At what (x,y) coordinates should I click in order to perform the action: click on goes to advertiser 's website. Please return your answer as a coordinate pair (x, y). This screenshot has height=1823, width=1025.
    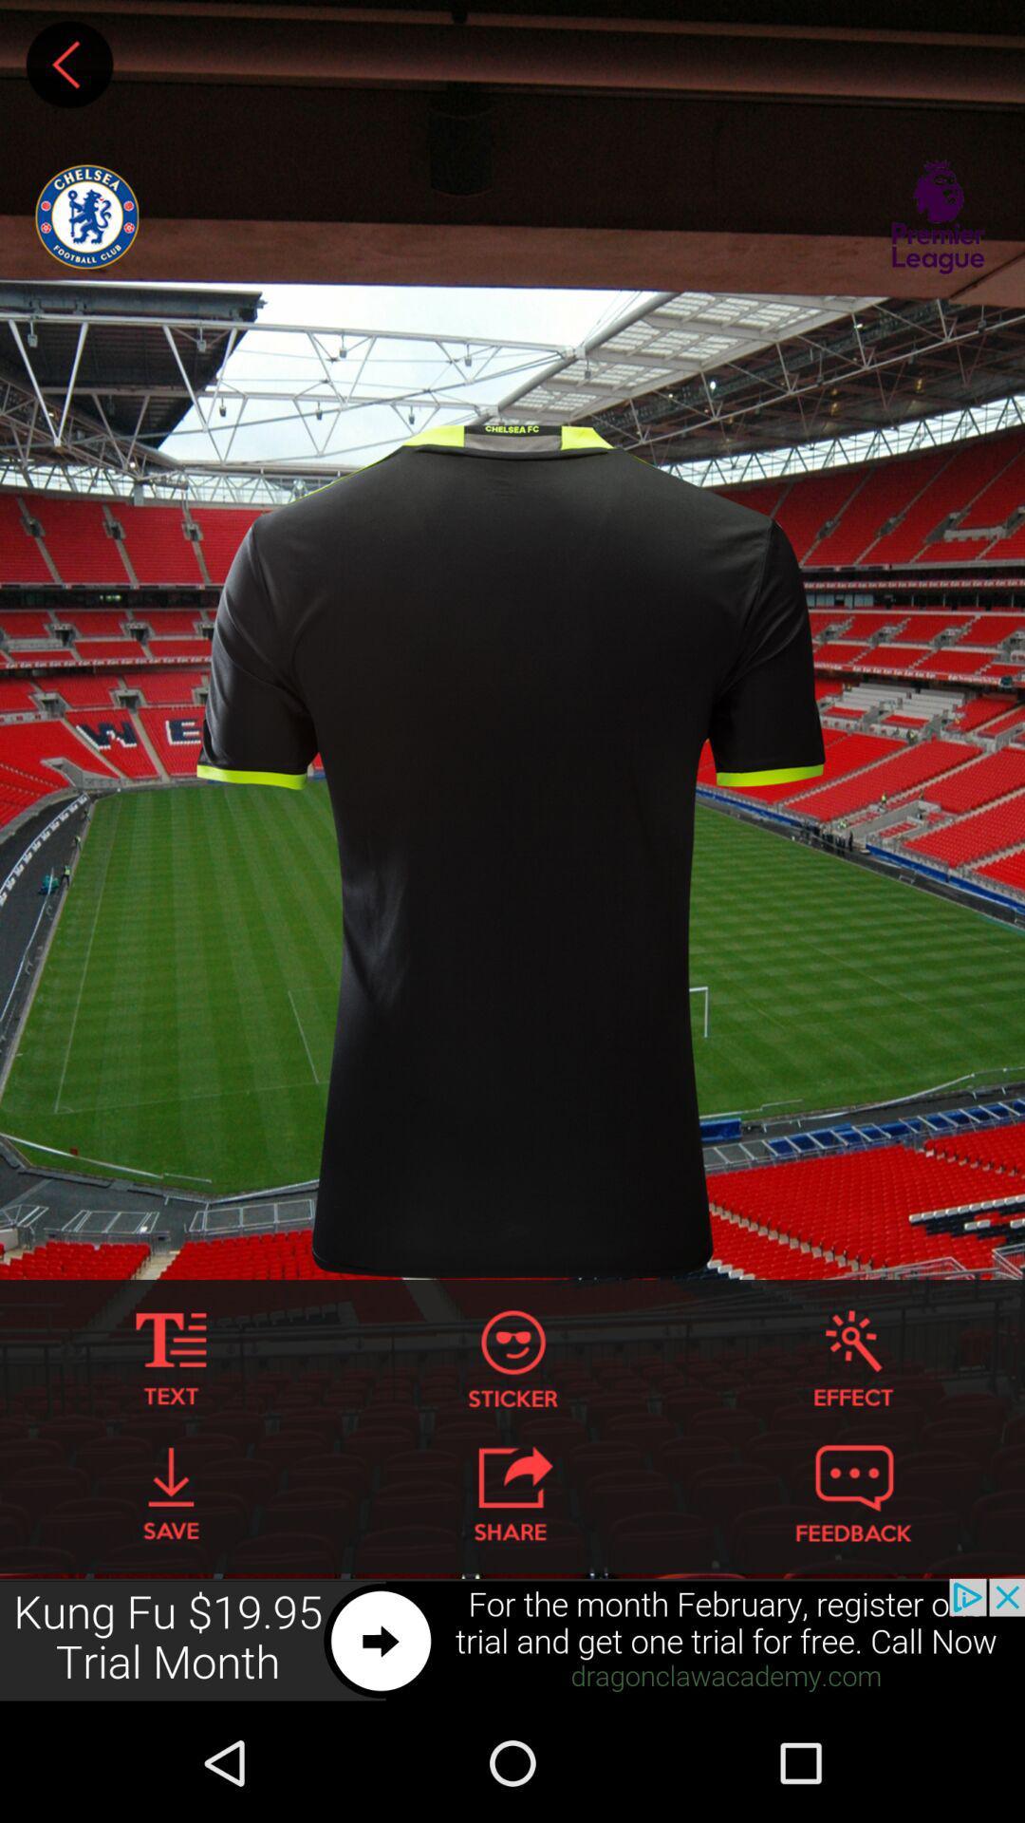
    Looking at the image, I should click on (512, 1640).